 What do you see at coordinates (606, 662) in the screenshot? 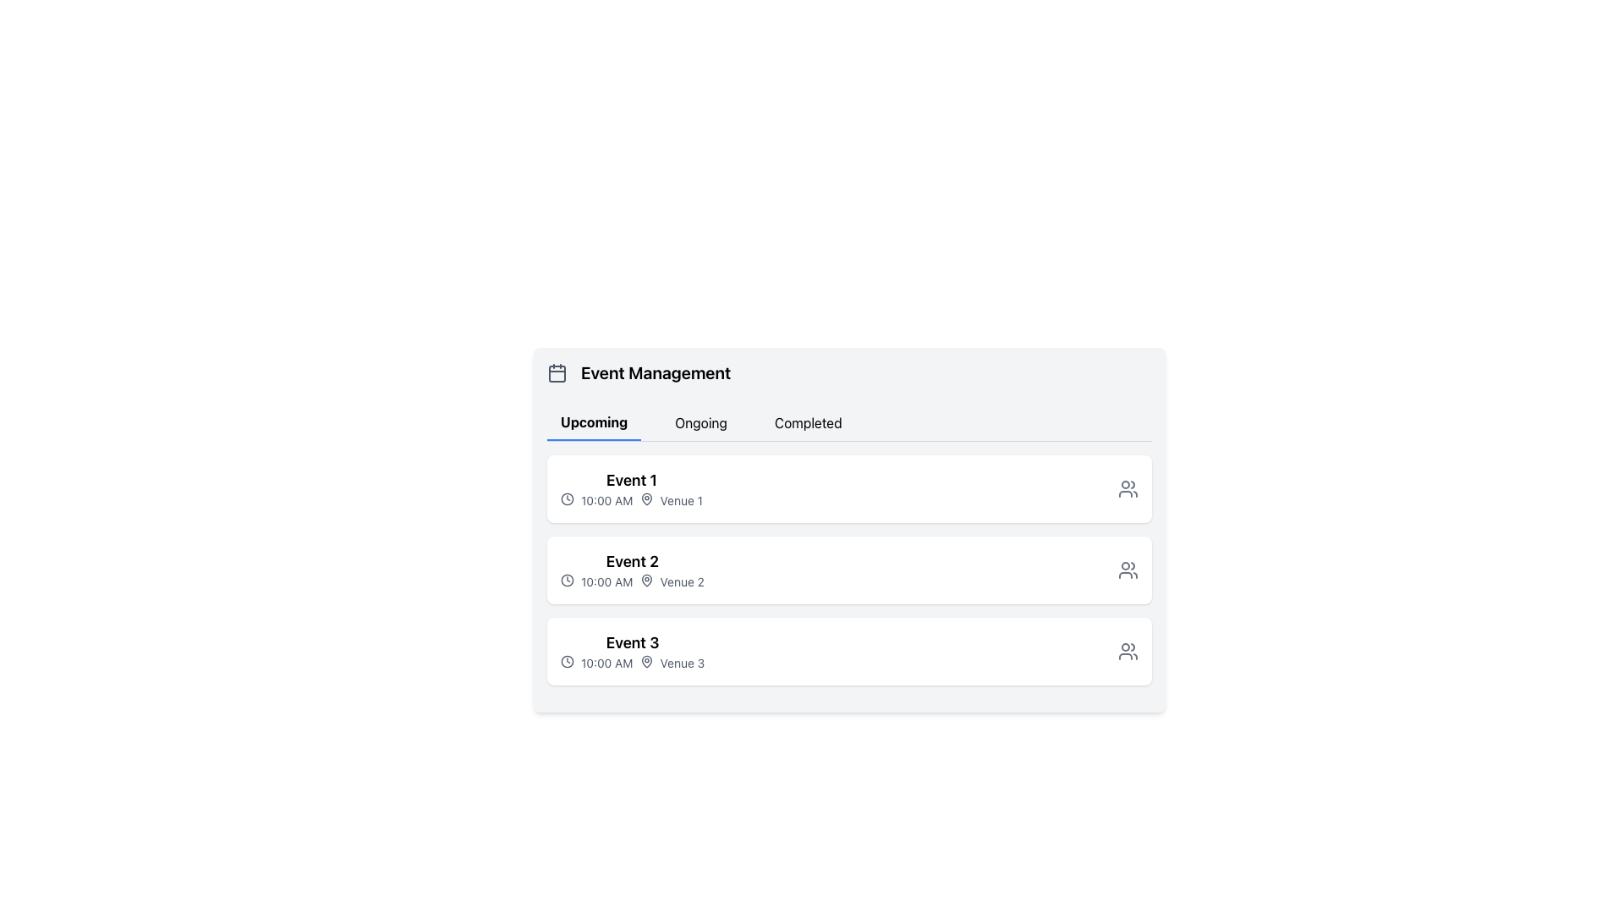
I see `the text label displaying the scheduled time for the third event in the list, located between a clock icon and a venue text` at bounding box center [606, 662].